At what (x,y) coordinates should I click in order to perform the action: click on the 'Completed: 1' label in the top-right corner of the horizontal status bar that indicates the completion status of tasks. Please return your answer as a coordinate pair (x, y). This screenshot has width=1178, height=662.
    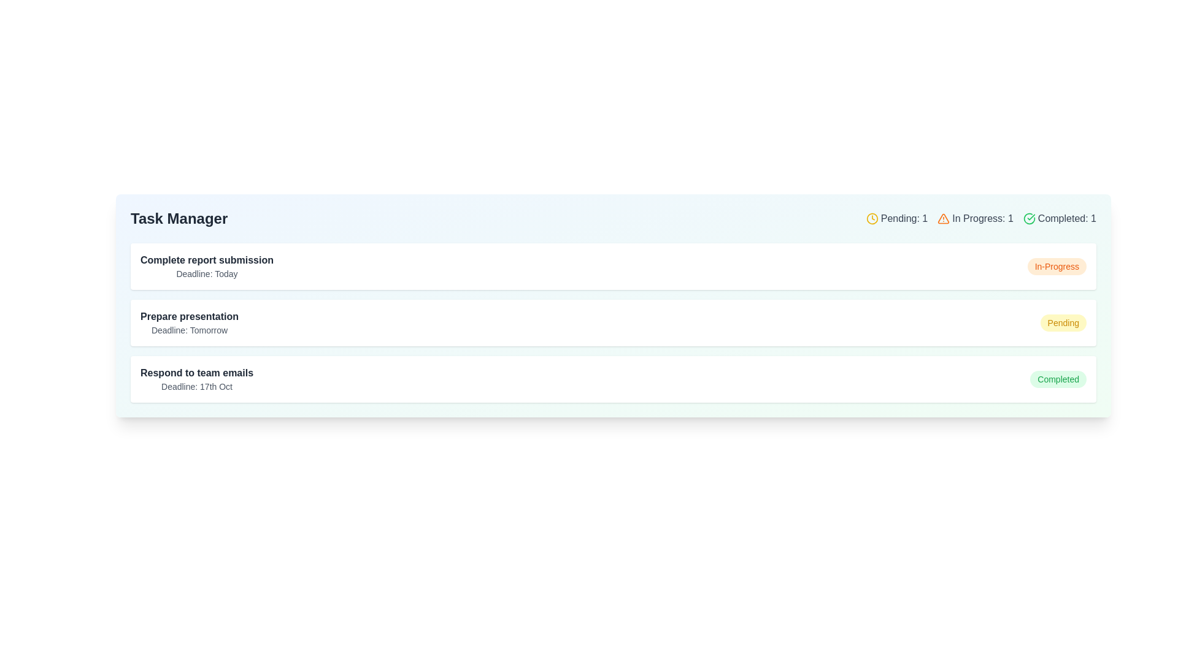
    Looking at the image, I should click on (1059, 218).